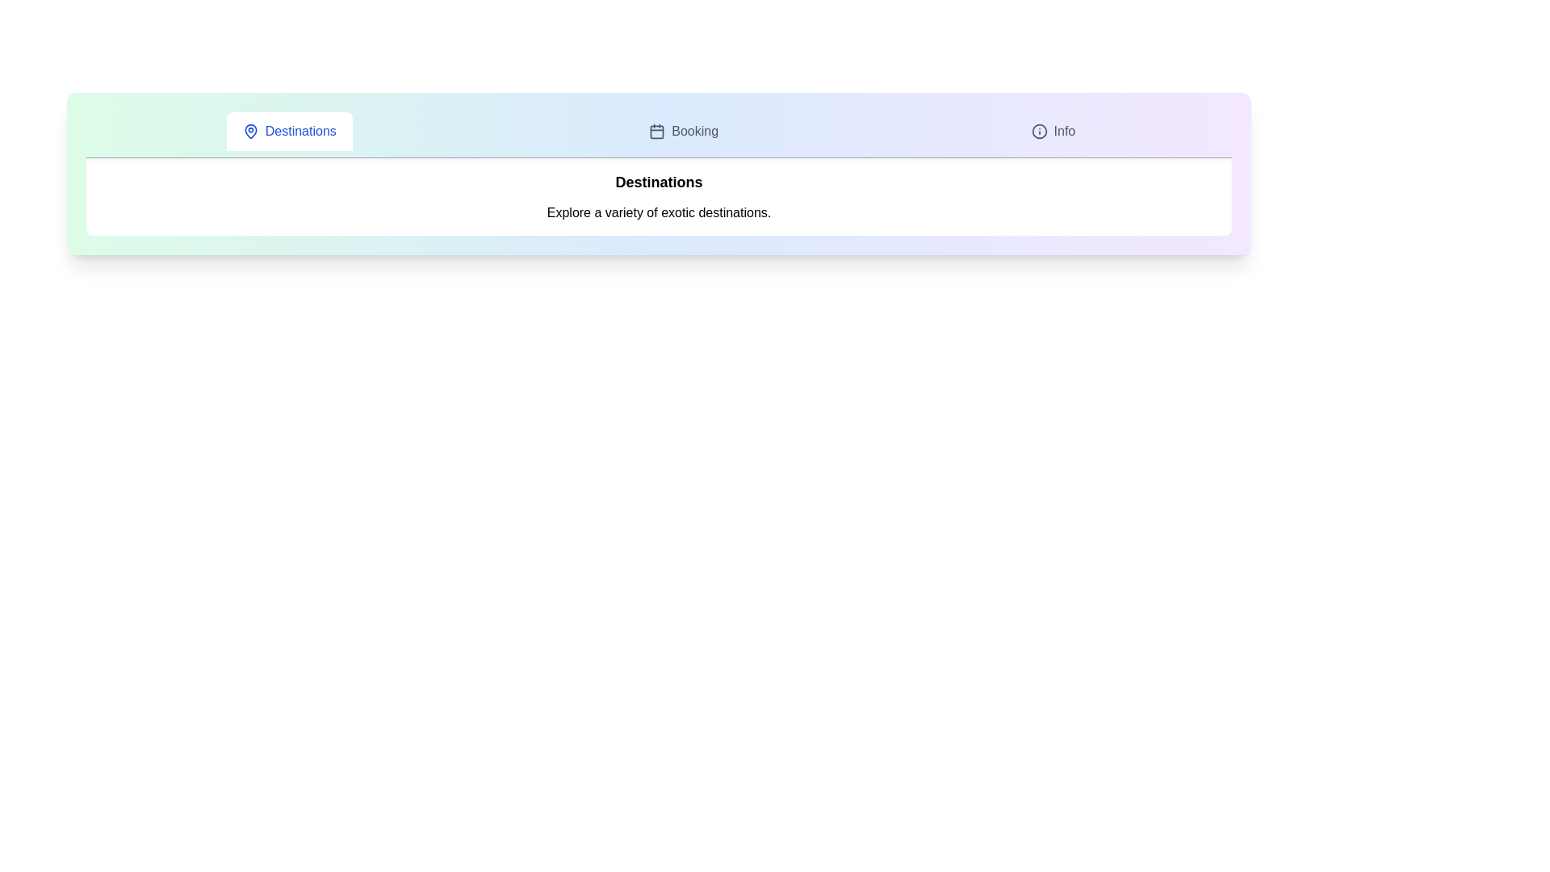 The image size is (1550, 872). I want to click on the tab Booking to view its hover effect, so click(684, 130).